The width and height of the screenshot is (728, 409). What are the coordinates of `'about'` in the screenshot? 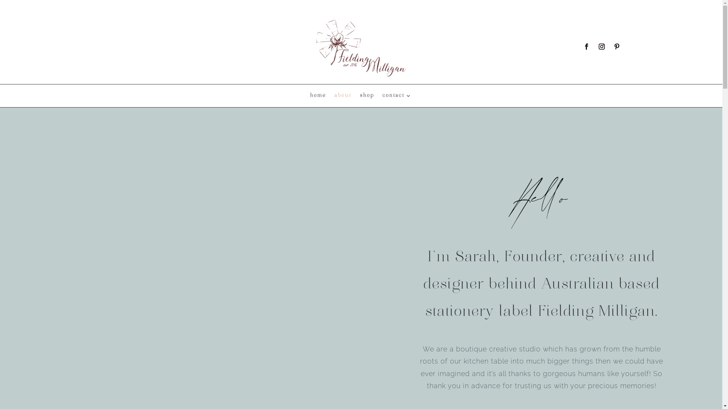 It's located at (342, 97).